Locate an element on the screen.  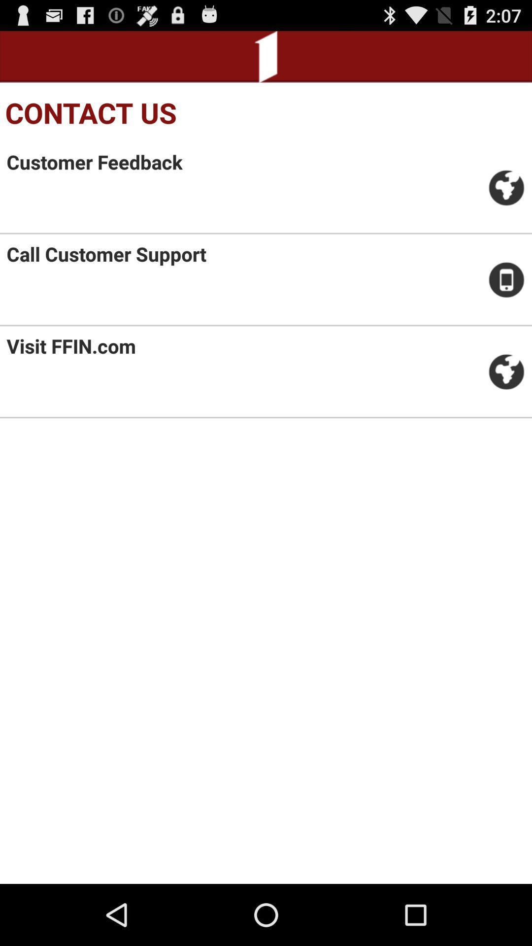
item above call customer support is located at coordinates (95, 162).